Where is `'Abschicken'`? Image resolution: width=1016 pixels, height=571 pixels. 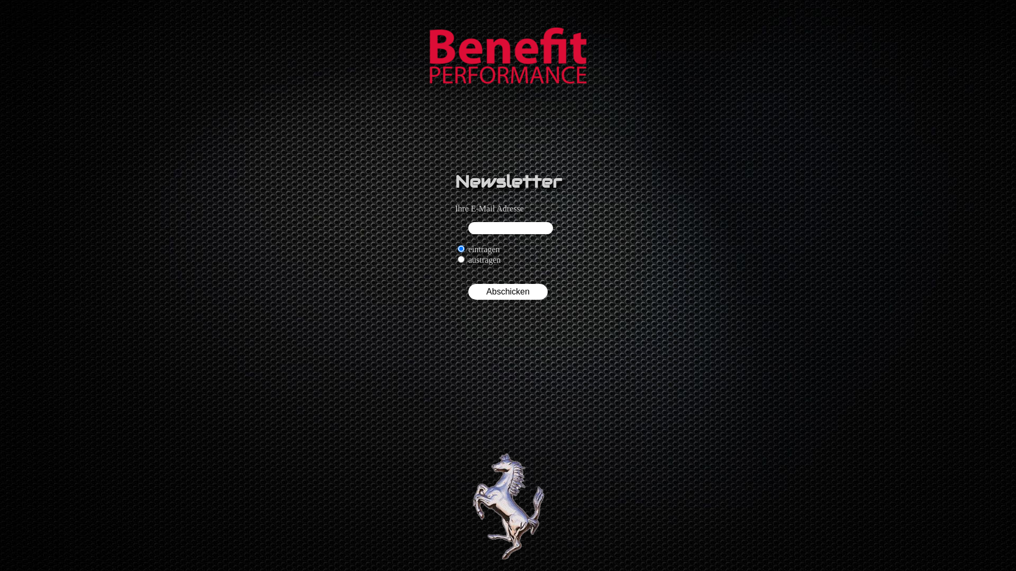 'Abschicken' is located at coordinates (508, 291).